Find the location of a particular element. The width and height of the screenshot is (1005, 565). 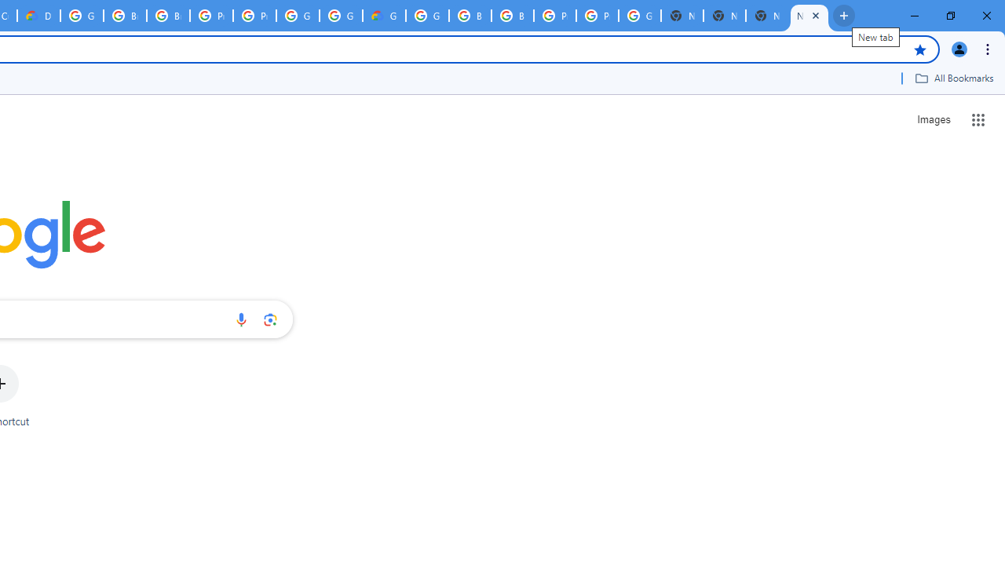

'Google Cloud Platform' is located at coordinates (298, 16).